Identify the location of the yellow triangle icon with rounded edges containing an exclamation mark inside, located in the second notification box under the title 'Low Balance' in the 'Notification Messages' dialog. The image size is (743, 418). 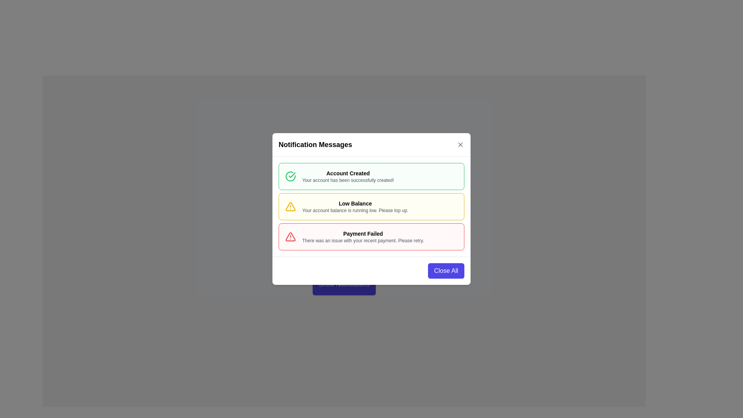
(290, 206).